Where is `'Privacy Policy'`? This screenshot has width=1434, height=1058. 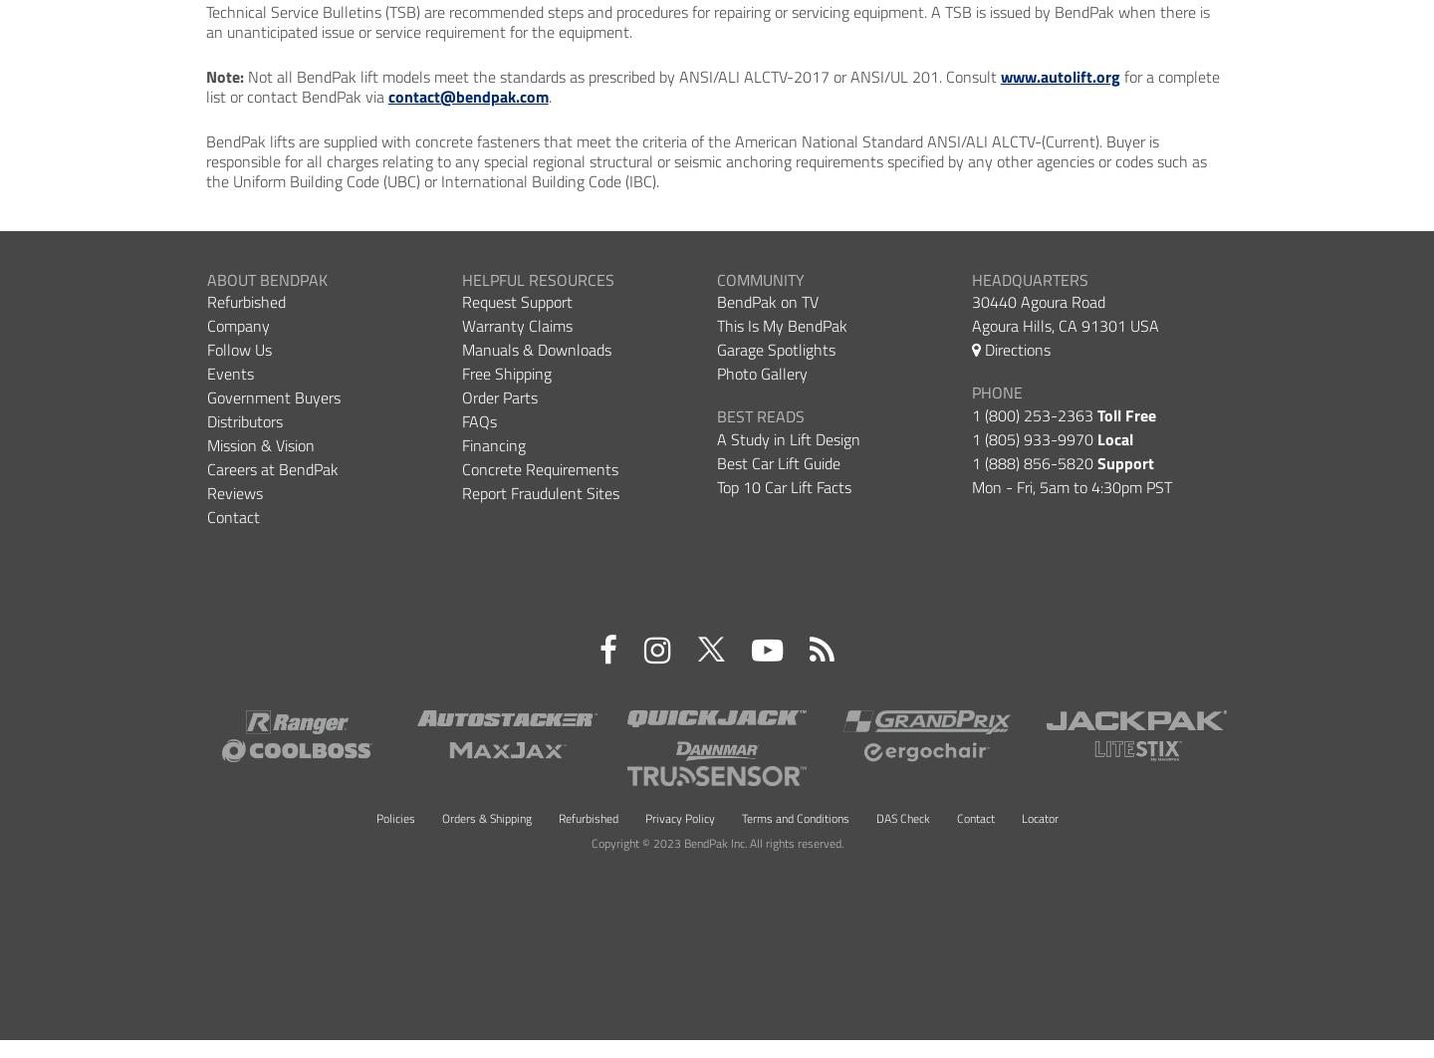 'Privacy Policy' is located at coordinates (642, 816).